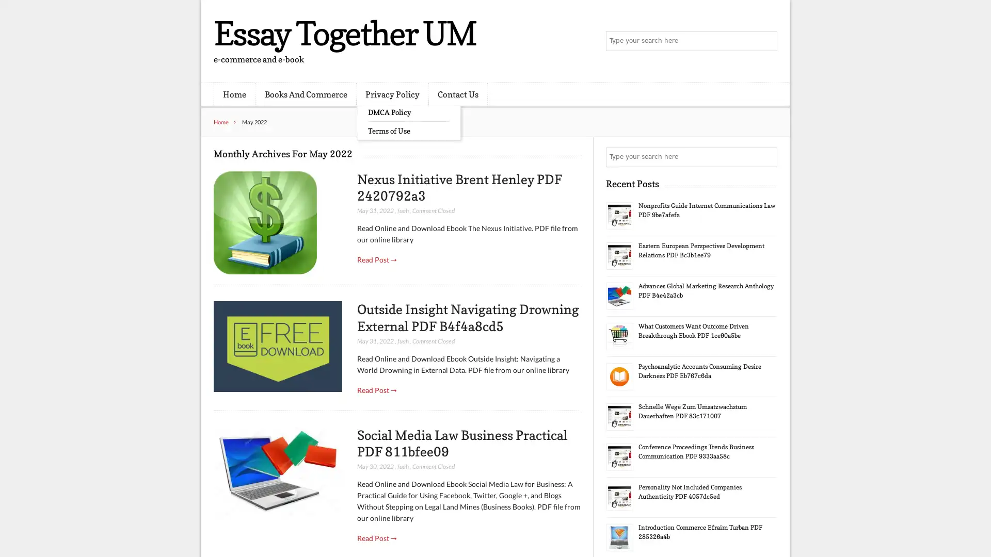 The image size is (991, 557). What do you see at coordinates (766, 41) in the screenshot?
I see `Search` at bounding box center [766, 41].